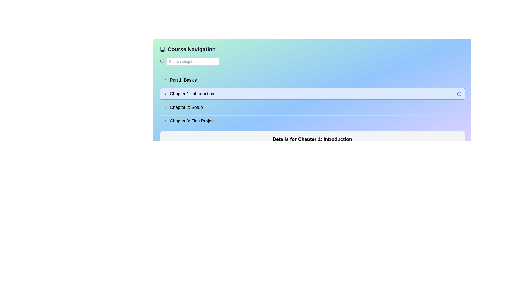  What do you see at coordinates (189, 93) in the screenshot?
I see `the text label displaying 'Chapter 1: Introduction', which is centrally positioned in the second row of chapter titles in the navigation panel` at bounding box center [189, 93].